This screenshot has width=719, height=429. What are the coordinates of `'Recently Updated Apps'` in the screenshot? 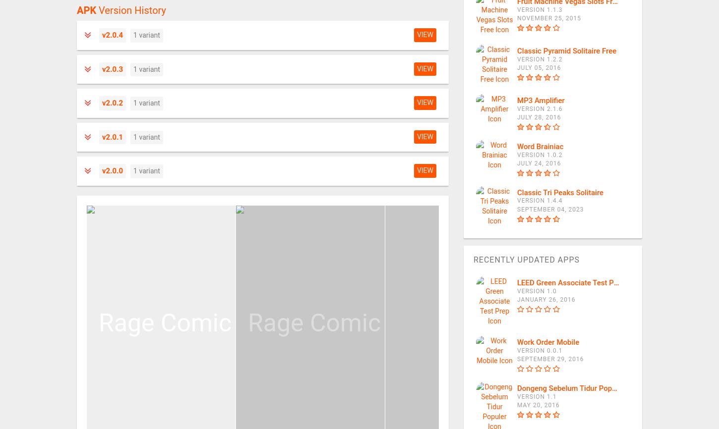 It's located at (526, 259).